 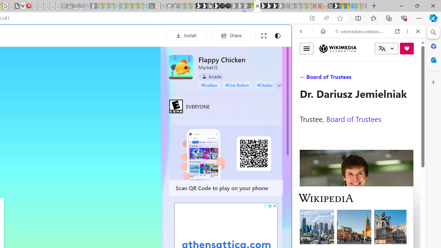 What do you see at coordinates (228, 6) in the screenshot?
I see `'Future Focus Report 2024'` at bounding box center [228, 6].